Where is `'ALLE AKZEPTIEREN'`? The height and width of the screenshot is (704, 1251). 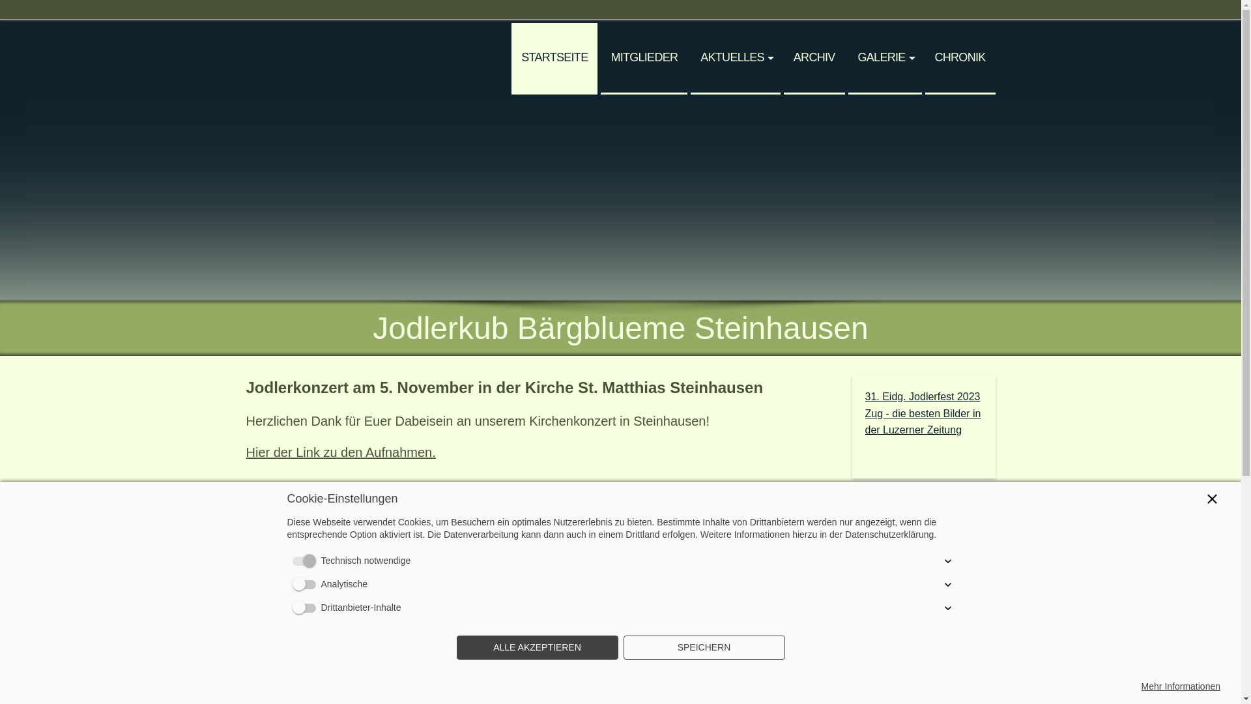 'ALLE AKZEPTIEREN' is located at coordinates (537, 648).